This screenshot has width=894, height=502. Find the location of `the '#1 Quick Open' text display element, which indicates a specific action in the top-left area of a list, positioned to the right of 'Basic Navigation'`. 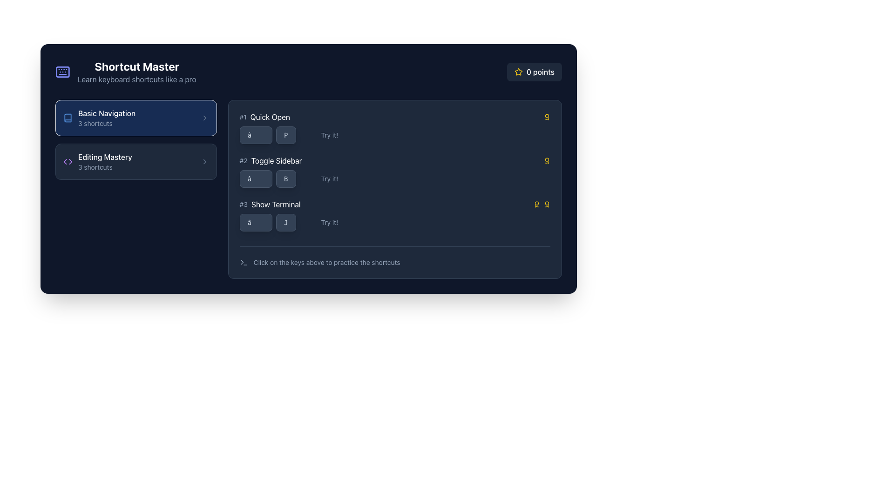

the '#1 Quick Open' text display element, which indicates a specific action in the top-left area of a list, positioned to the right of 'Basic Navigation' is located at coordinates (264, 116).